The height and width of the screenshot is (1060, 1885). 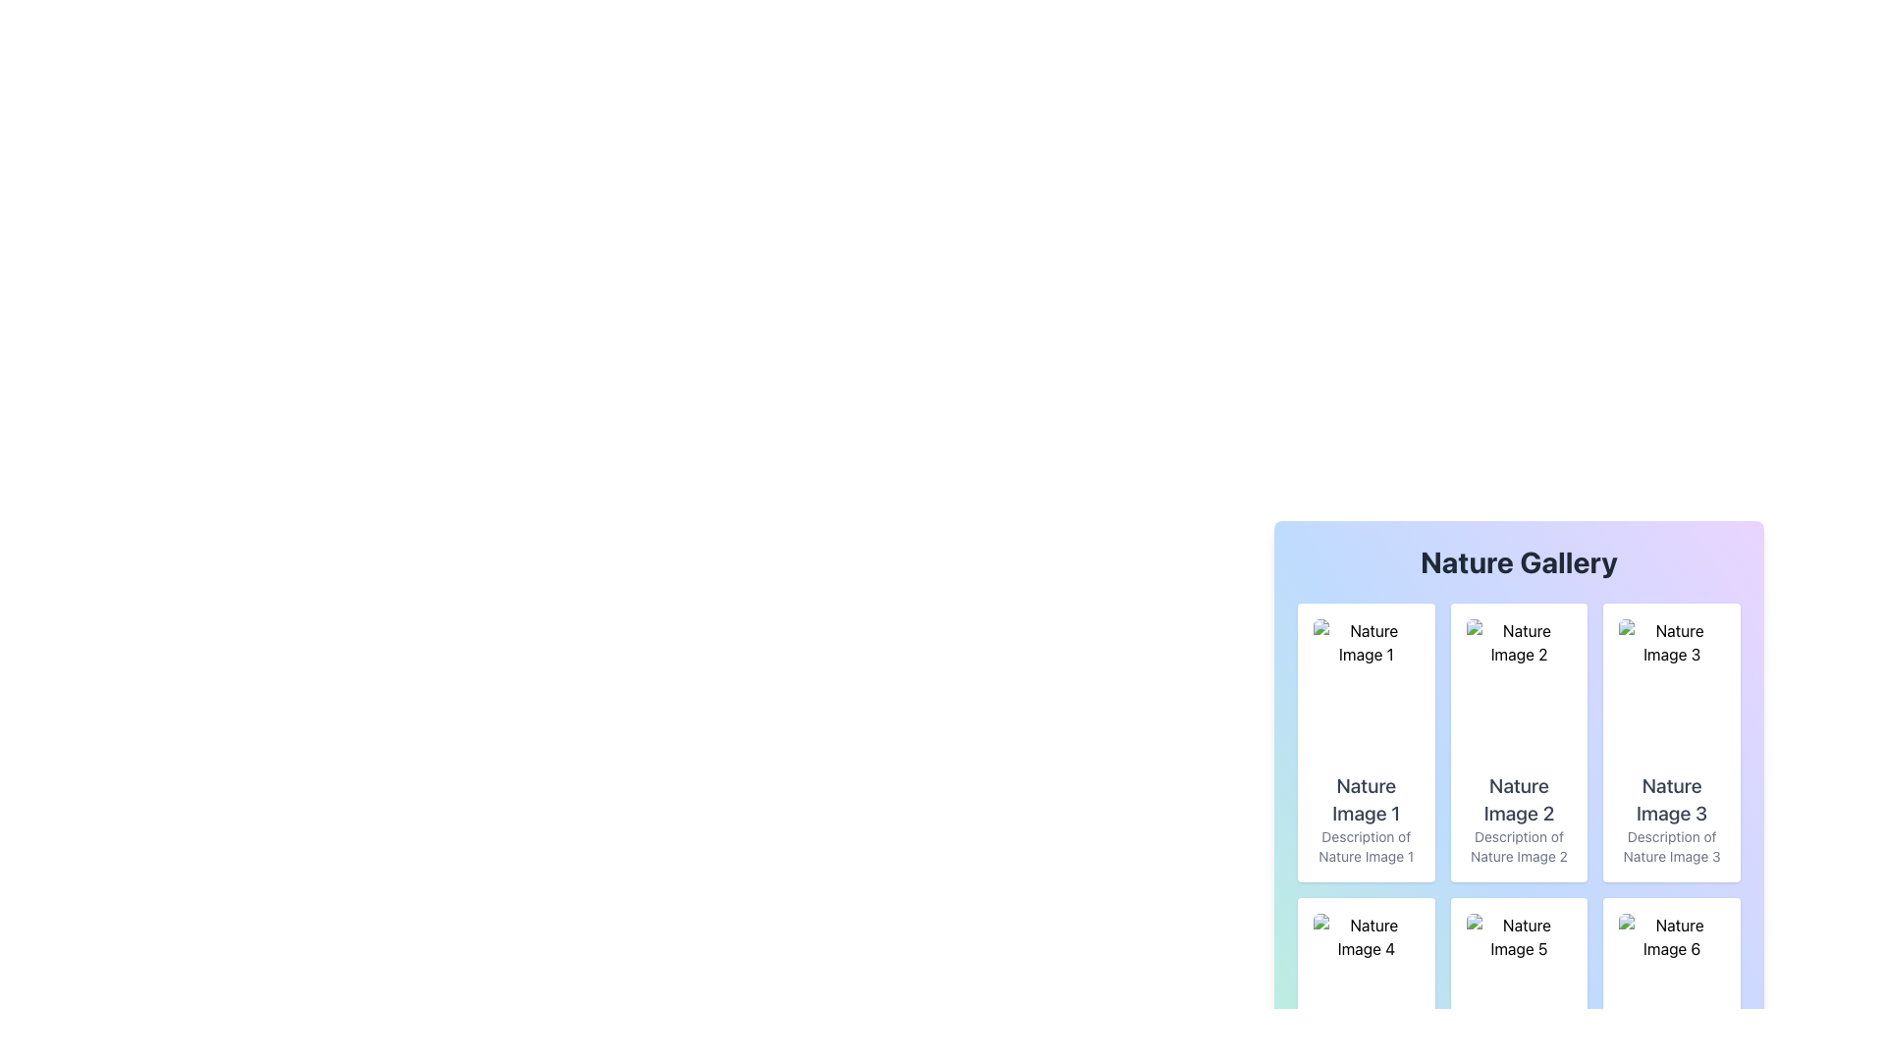 What do you see at coordinates (1365, 846) in the screenshot?
I see `text label that displays 'Description of Nature Image 1', which is styled in light gray and positioned below the title 'Nature Image 1' in the first card of the three-column grid under 'Nature Gallery'` at bounding box center [1365, 846].